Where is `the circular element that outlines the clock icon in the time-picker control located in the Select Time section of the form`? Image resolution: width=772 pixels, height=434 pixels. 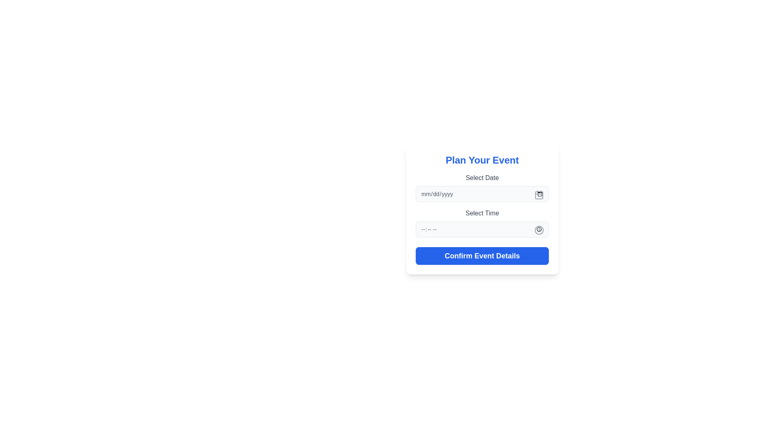
the circular element that outlines the clock icon in the time-picker control located in the Select Time section of the form is located at coordinates (539, 230).